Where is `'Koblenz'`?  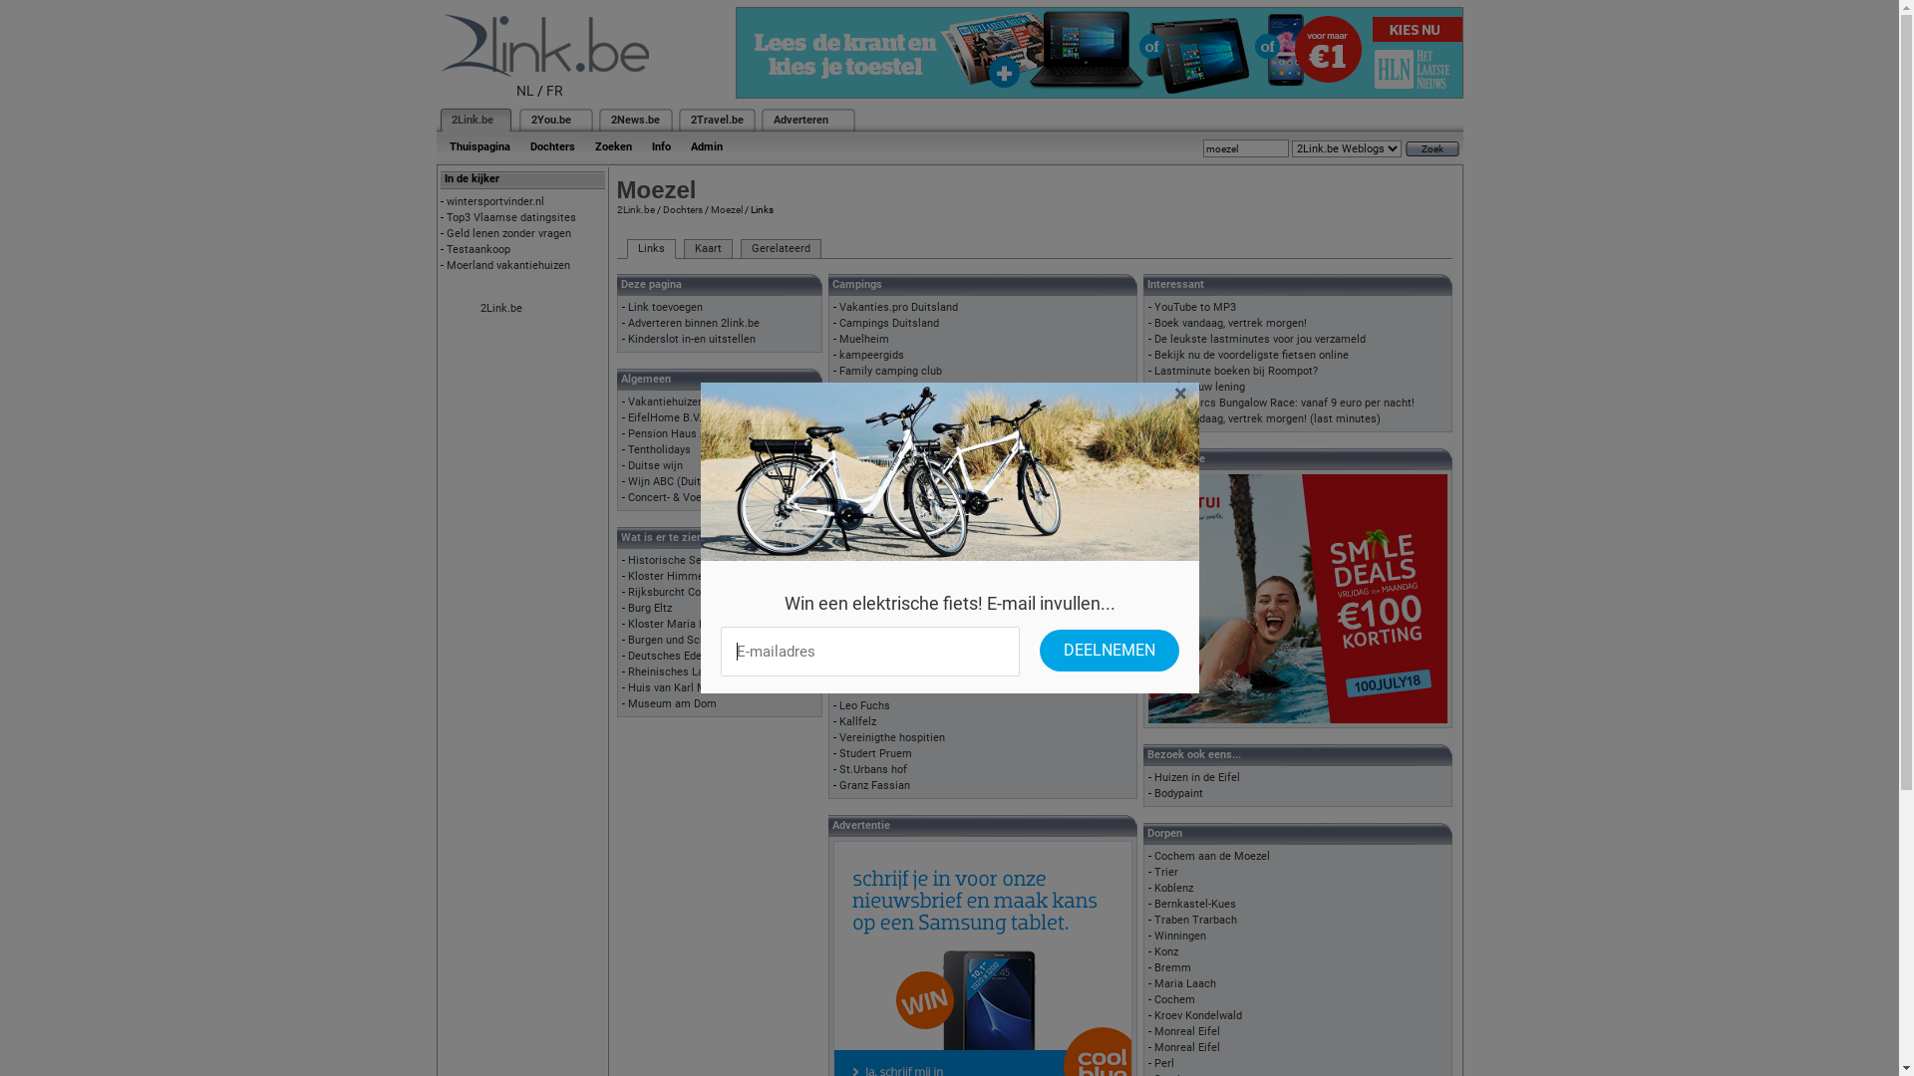 'Koblenz' is located at coordinates (1173, 887).